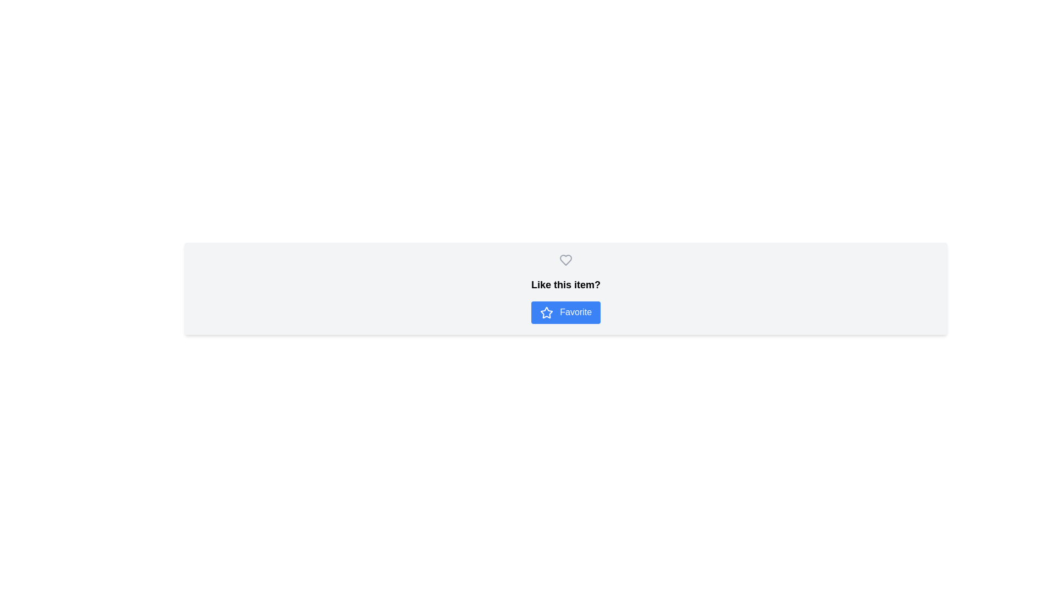  I want to click on the heart-shaped icon used to represent a 'like' or 'favorite' action, which is located above the text 'Like this item?', so click(566, 260).